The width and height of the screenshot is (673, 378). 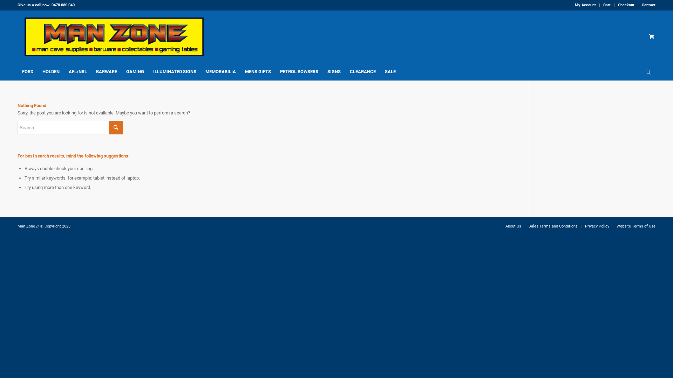 I want to click on 'Website Terms of Use', so click(x=636, y=226).